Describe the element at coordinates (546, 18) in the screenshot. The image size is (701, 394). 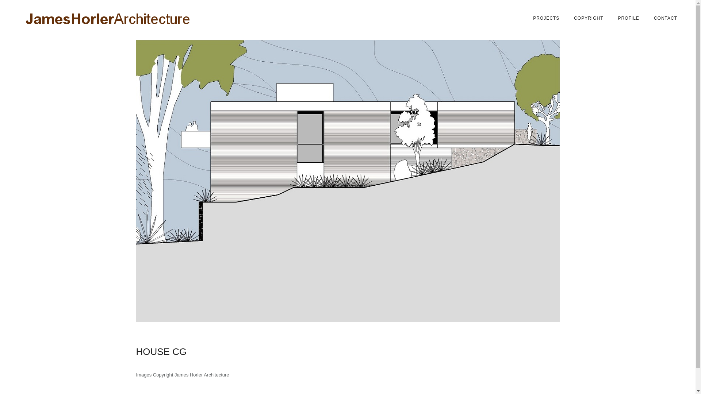
I see `'PROJECTS'` at that location.